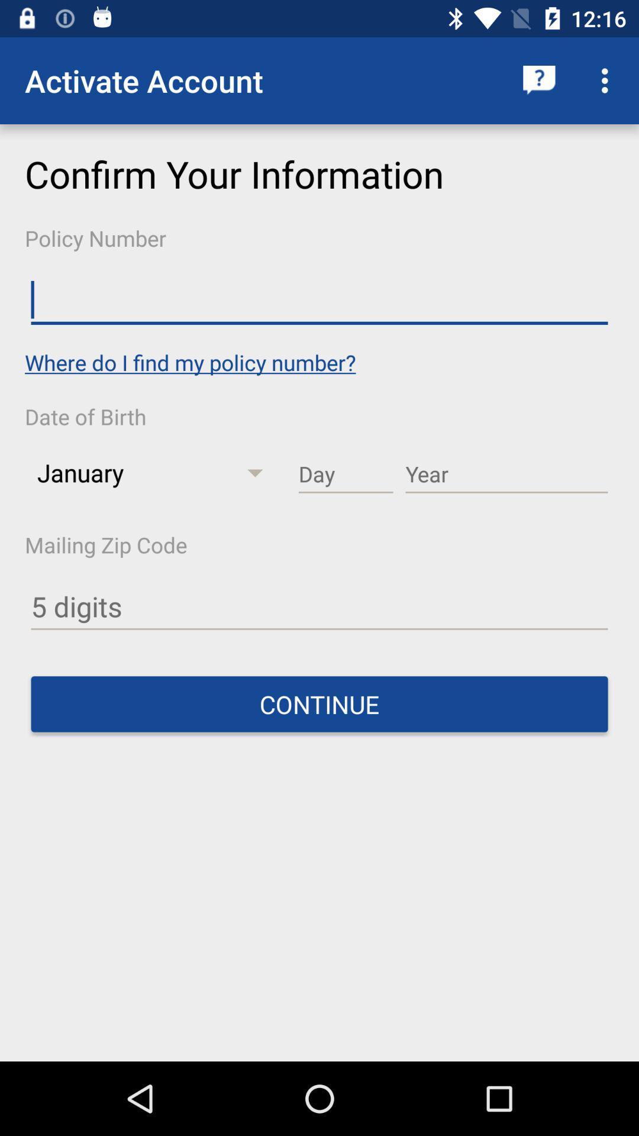 The image size is (639, 1136). What do you see at coordinates (346, 475) in the screenshot?
I see `icon below the where do i item` at bounding box center [346, 475].